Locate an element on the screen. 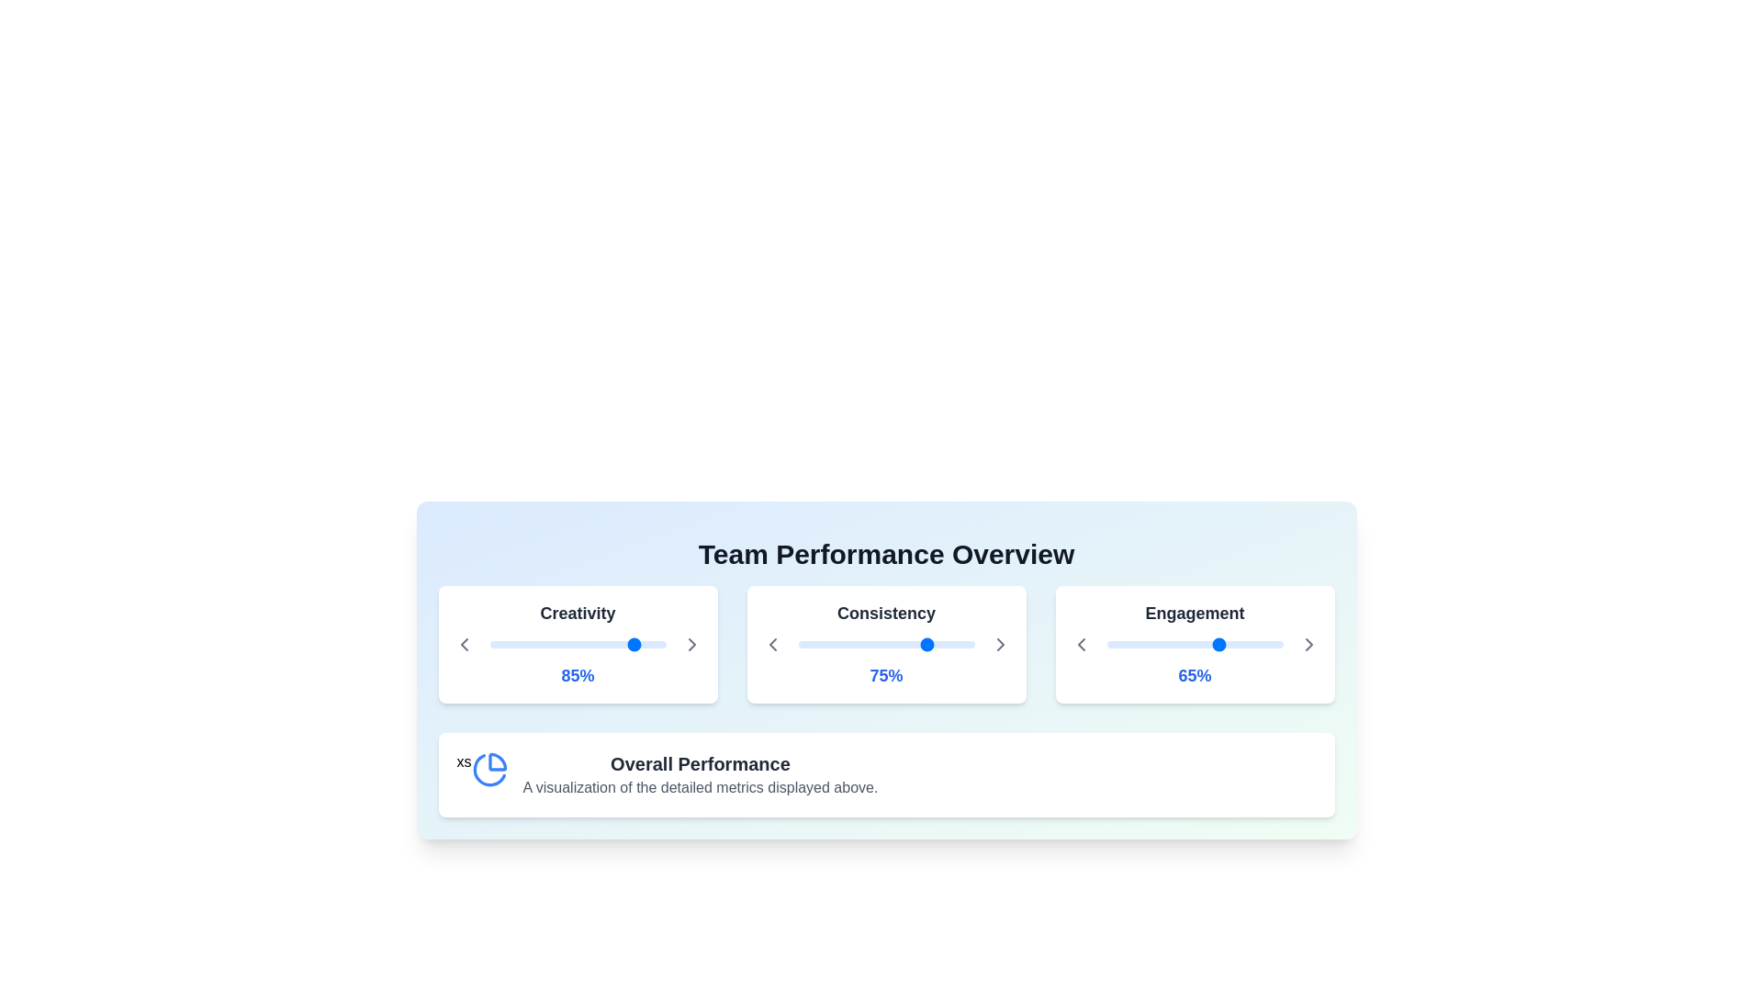 This screenshot has height=992, width=1763. the Engagement slider is located at coordinates (1107, 644).